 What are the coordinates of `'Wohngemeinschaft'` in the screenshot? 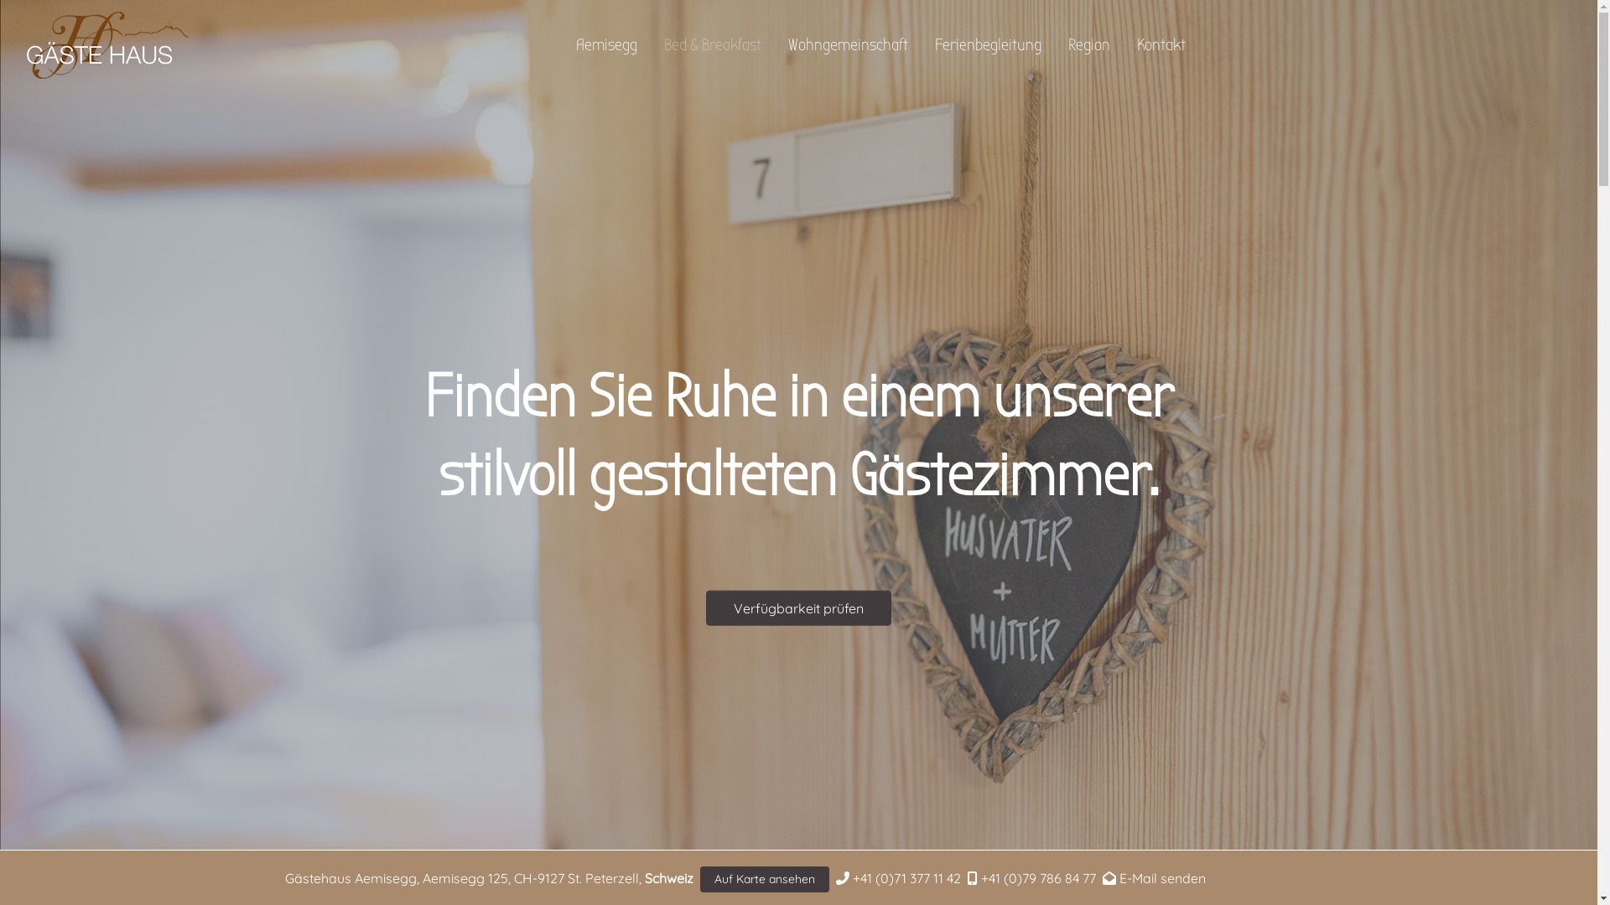 It's located at (848, 44).